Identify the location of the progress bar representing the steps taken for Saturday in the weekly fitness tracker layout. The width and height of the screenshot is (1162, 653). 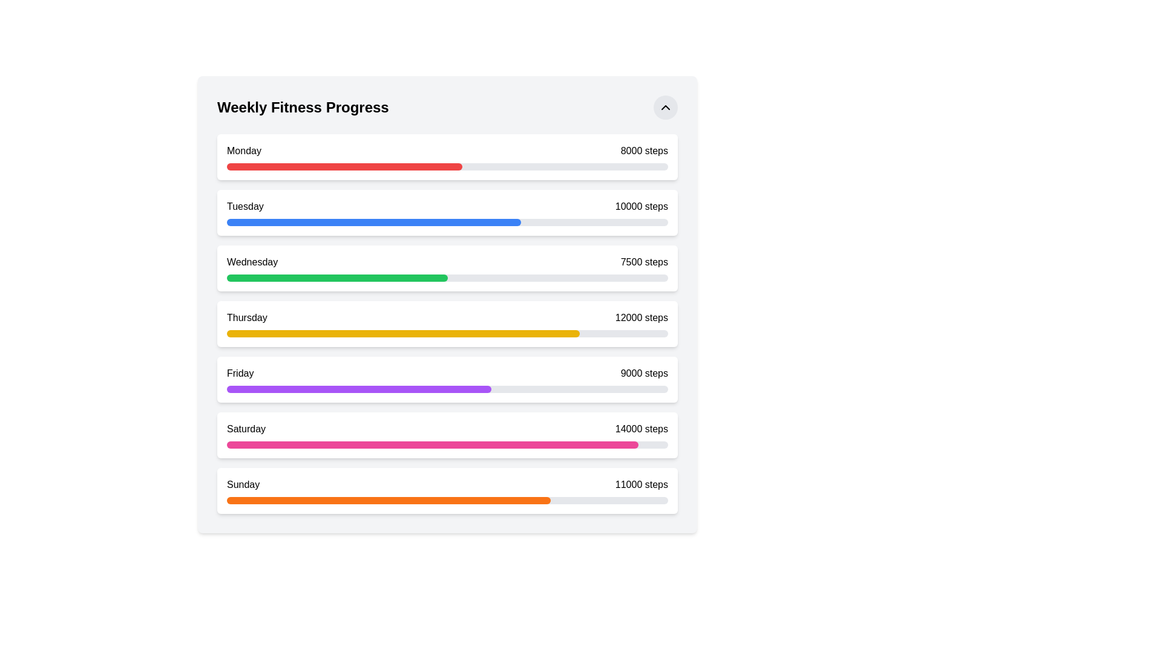
(447, 443).